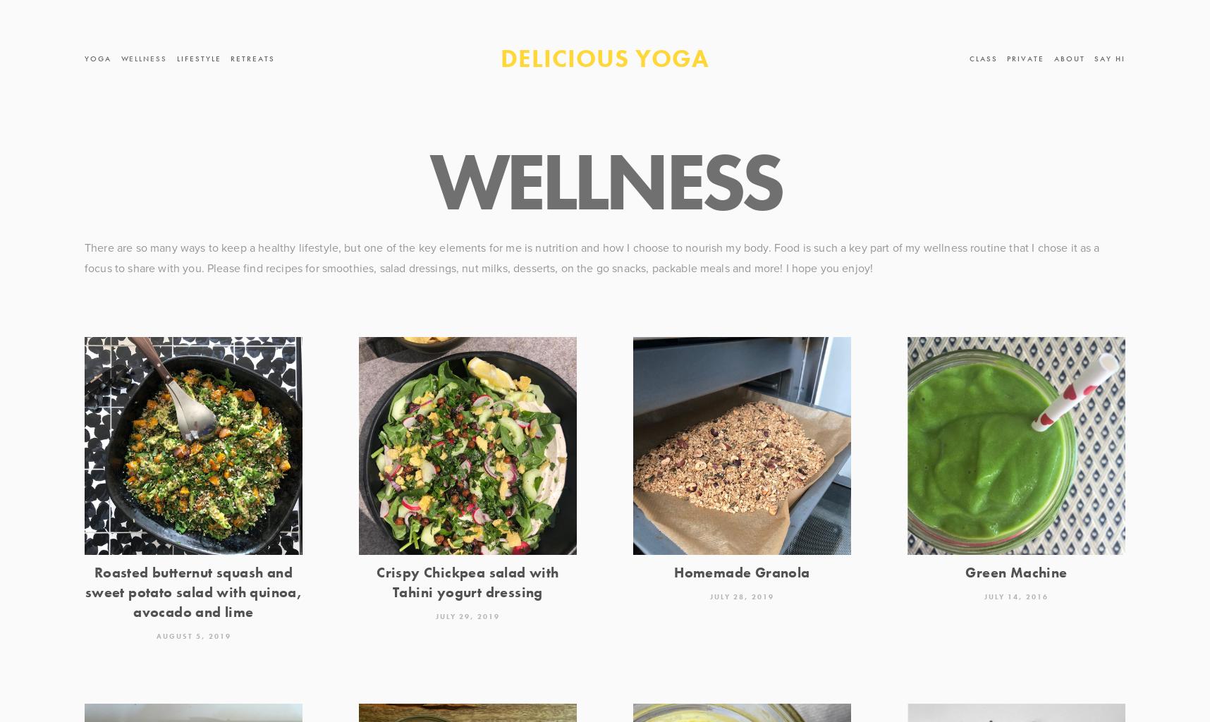 The height and width of the screenshot is (722, 1210). I want to click on 'Roasted butternut squash and sweet potato salad with quinoa, avocado and lime', so click(84, 590).